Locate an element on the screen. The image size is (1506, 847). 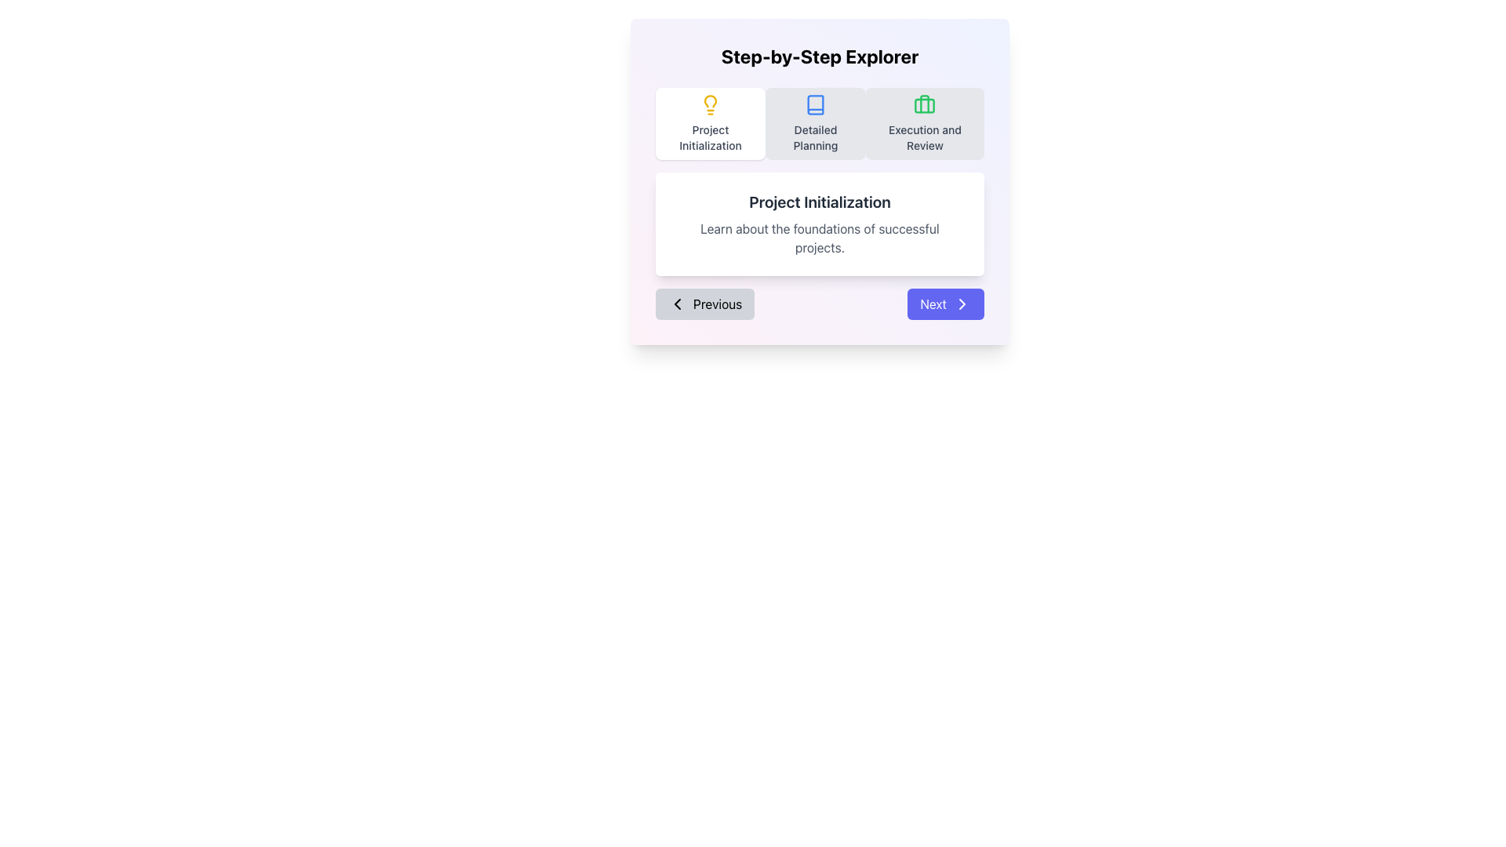
text component displaying the title 'Project Initialization' in bold and dark gray color, located in the center of a white rounded rectangular card is located at coordinates (819, 202).